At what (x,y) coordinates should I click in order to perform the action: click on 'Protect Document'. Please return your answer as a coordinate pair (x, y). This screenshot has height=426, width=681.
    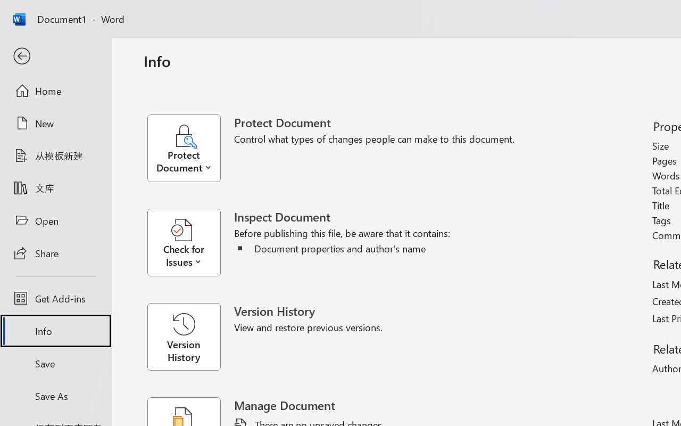
    Looking at the image, I should click on (190, 148).